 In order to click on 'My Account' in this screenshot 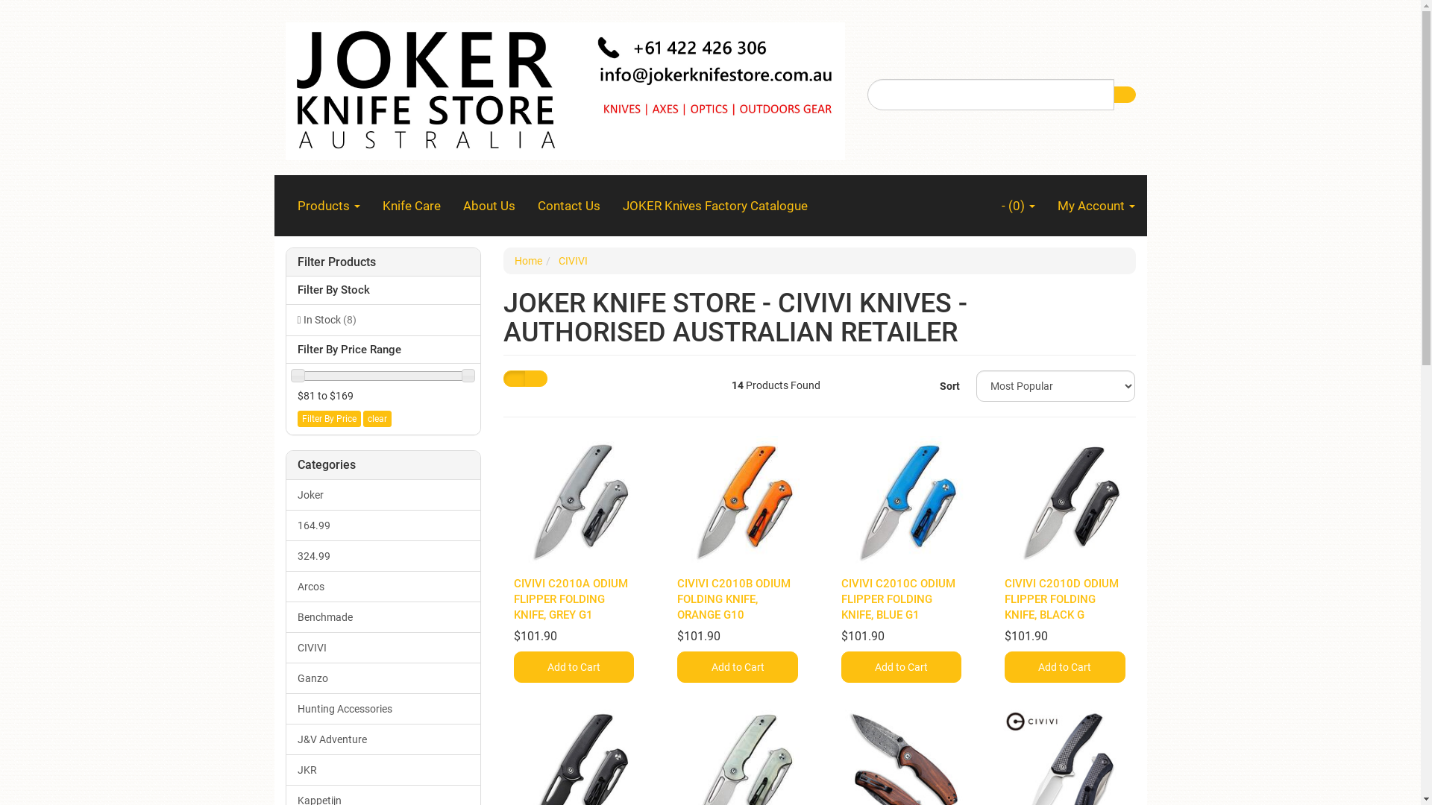, I will do `click(1095, 206)`.